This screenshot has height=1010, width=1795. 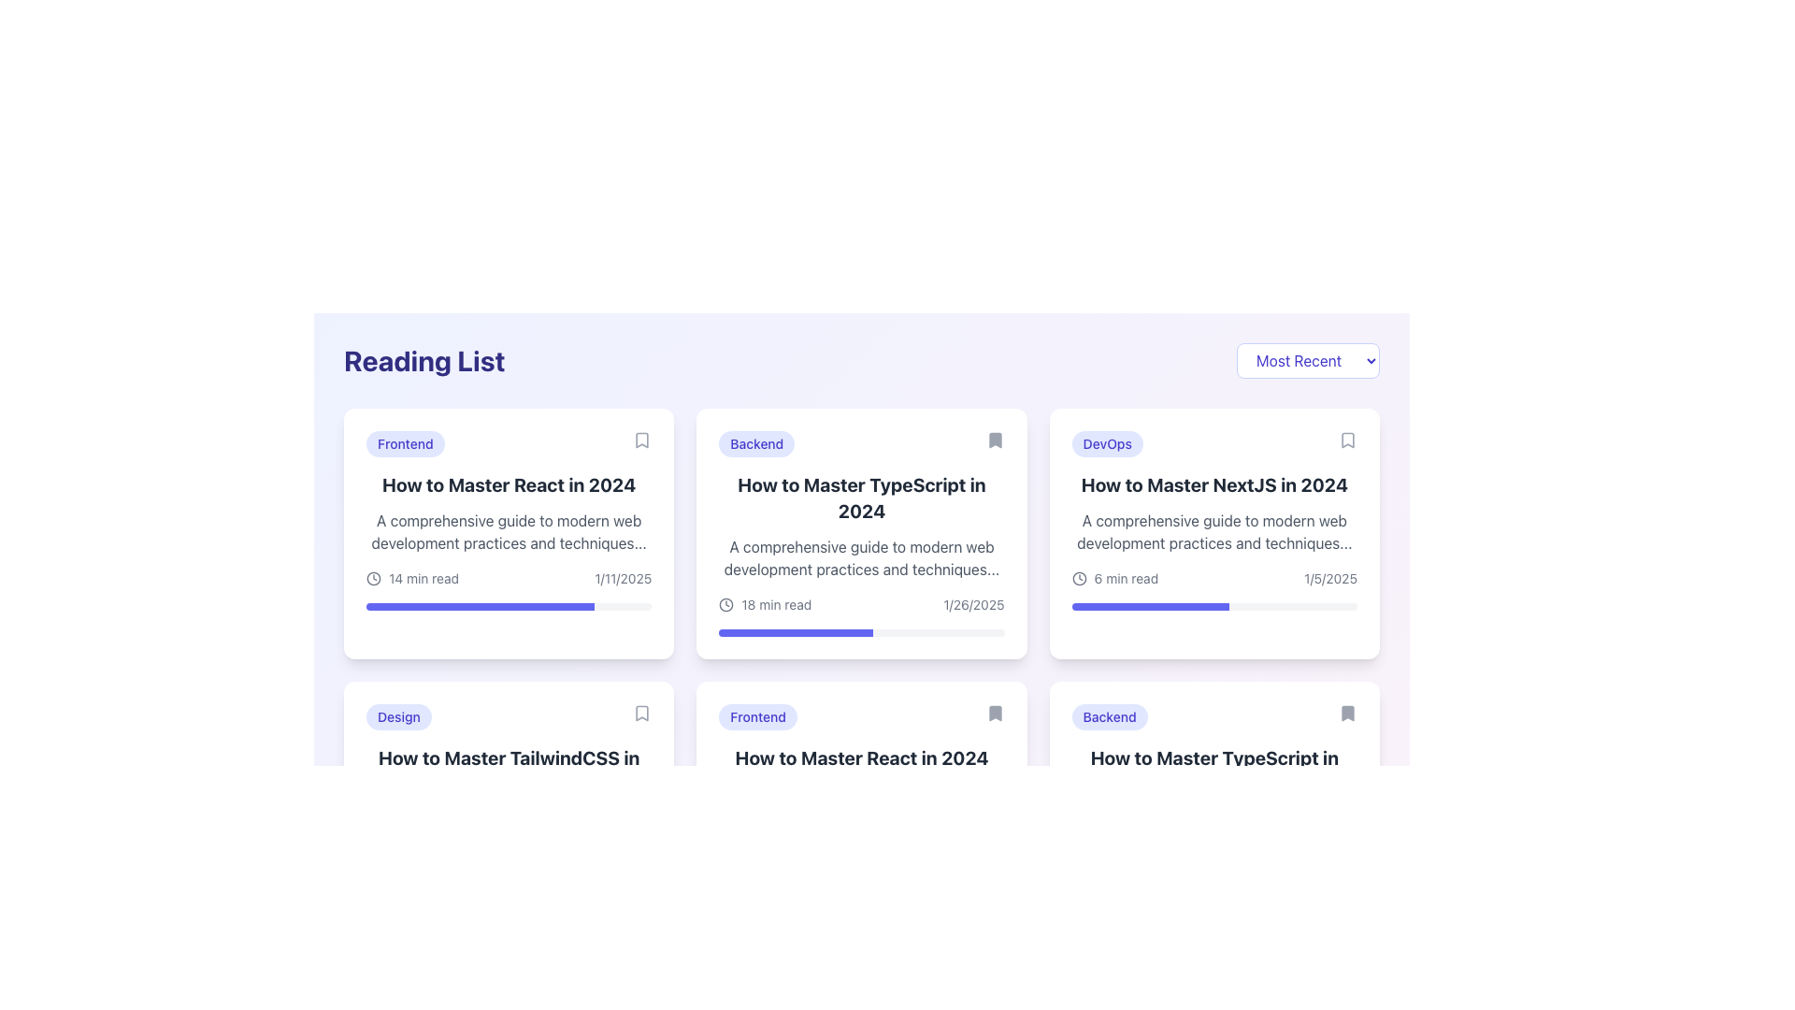 I want to click on the second card in the middle row of the grid layout, which presents a preview of an article about mastering React, to focus on it using keyboard navigation, so click(x=860, y=793).